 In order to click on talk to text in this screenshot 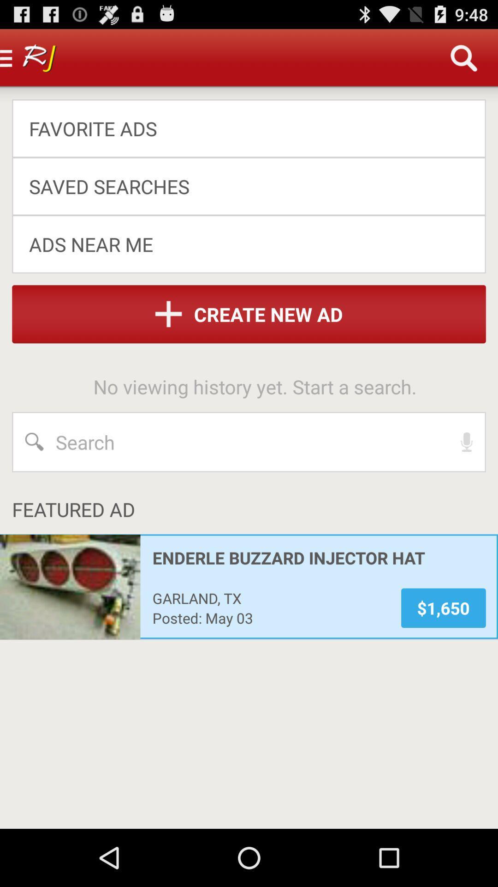, I will do `click(467, 441)`.